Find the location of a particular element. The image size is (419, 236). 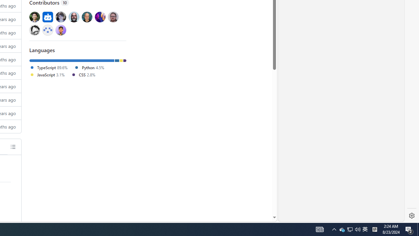

'Python 4.5%' is located at coordinates (89, 67).